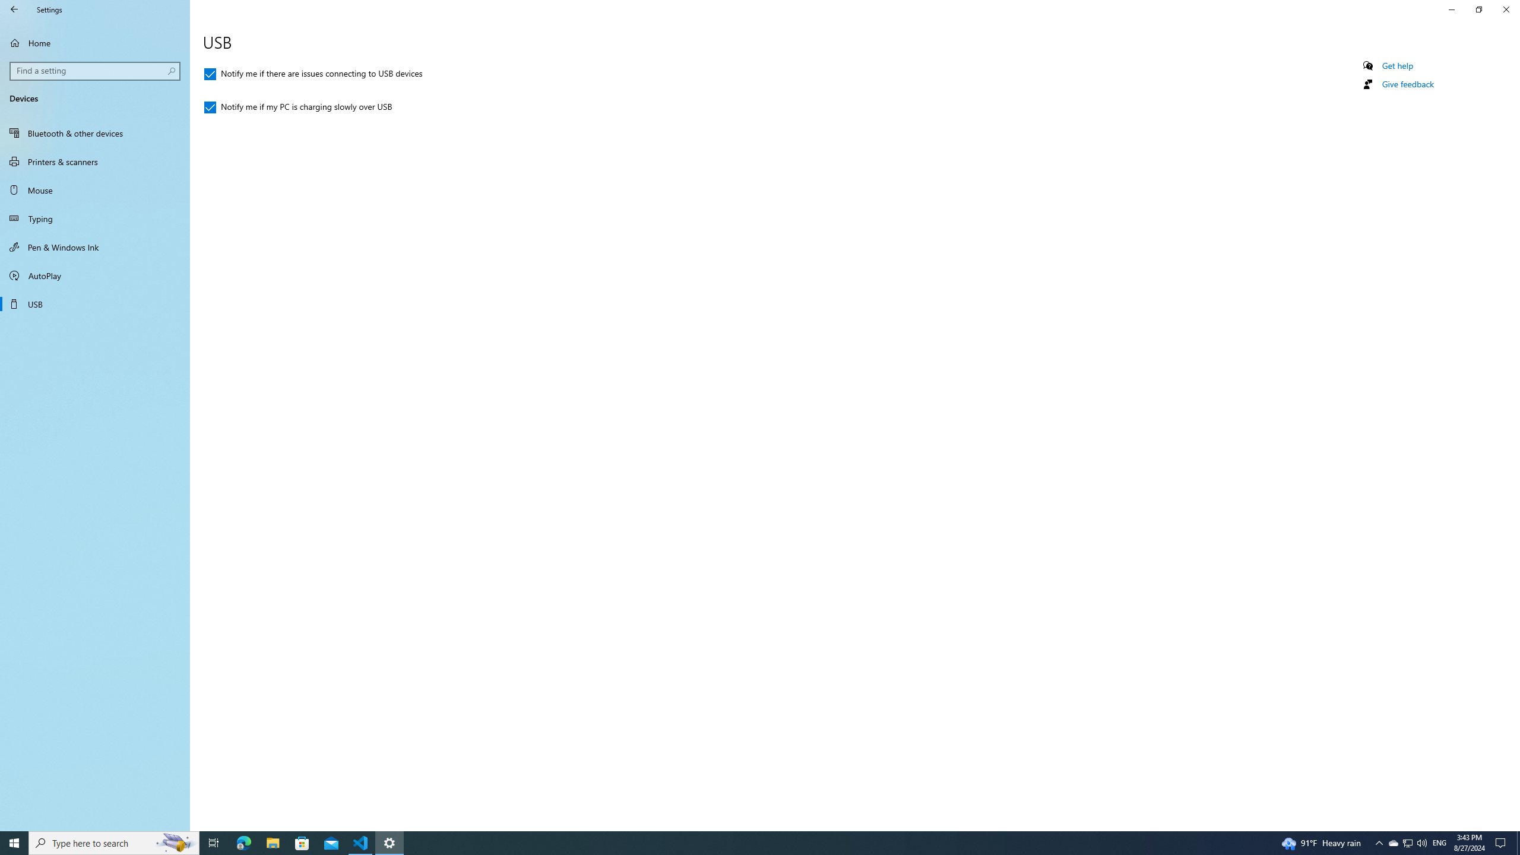 The height and width of the screenshot is (855, 1520). I want to click on 'Type here to search', so click(113, 842).